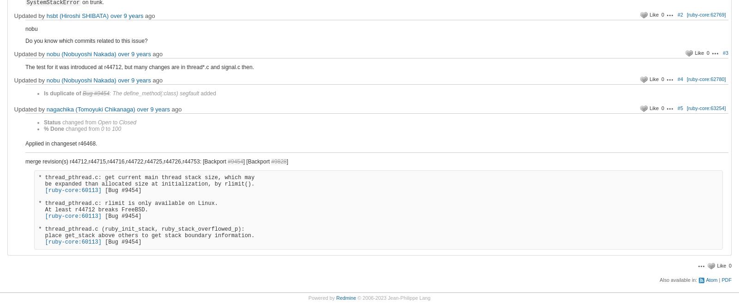 The height and width of the screenshot is (303, 739). I want to click on 'Applied in changeset r46468.', so click(25, 143).